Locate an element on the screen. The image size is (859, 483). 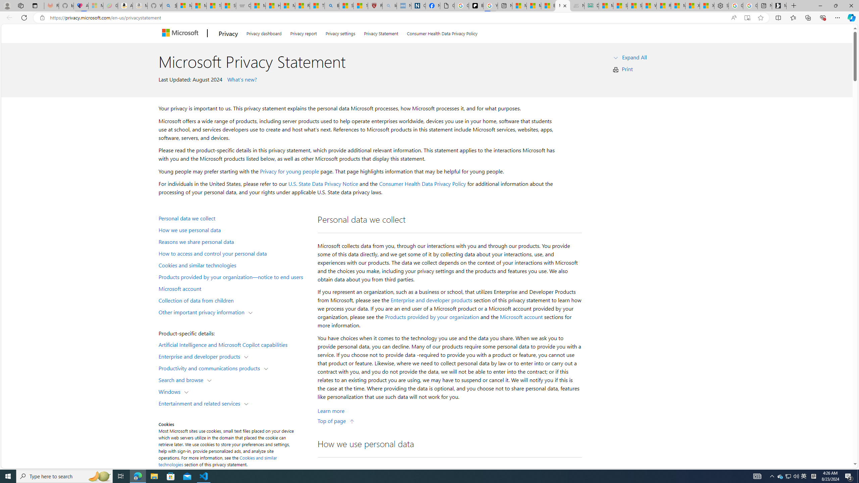
'Learn More about Personal data we collect' is located at coordinates (331, 411).